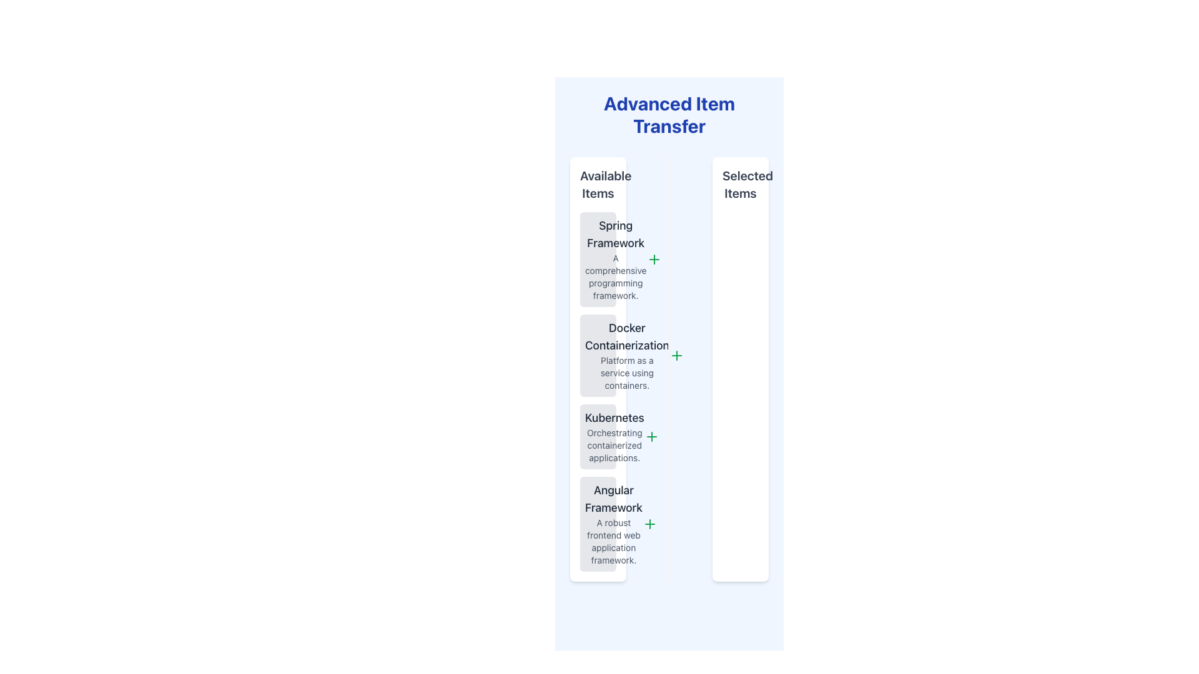  Describe the element at coordinates (649, 524) in the screenshot. I see `the plus icon located to the right of the descriptive text for the 'Angular Framework' entry in the 'Available Items' section` at that location.